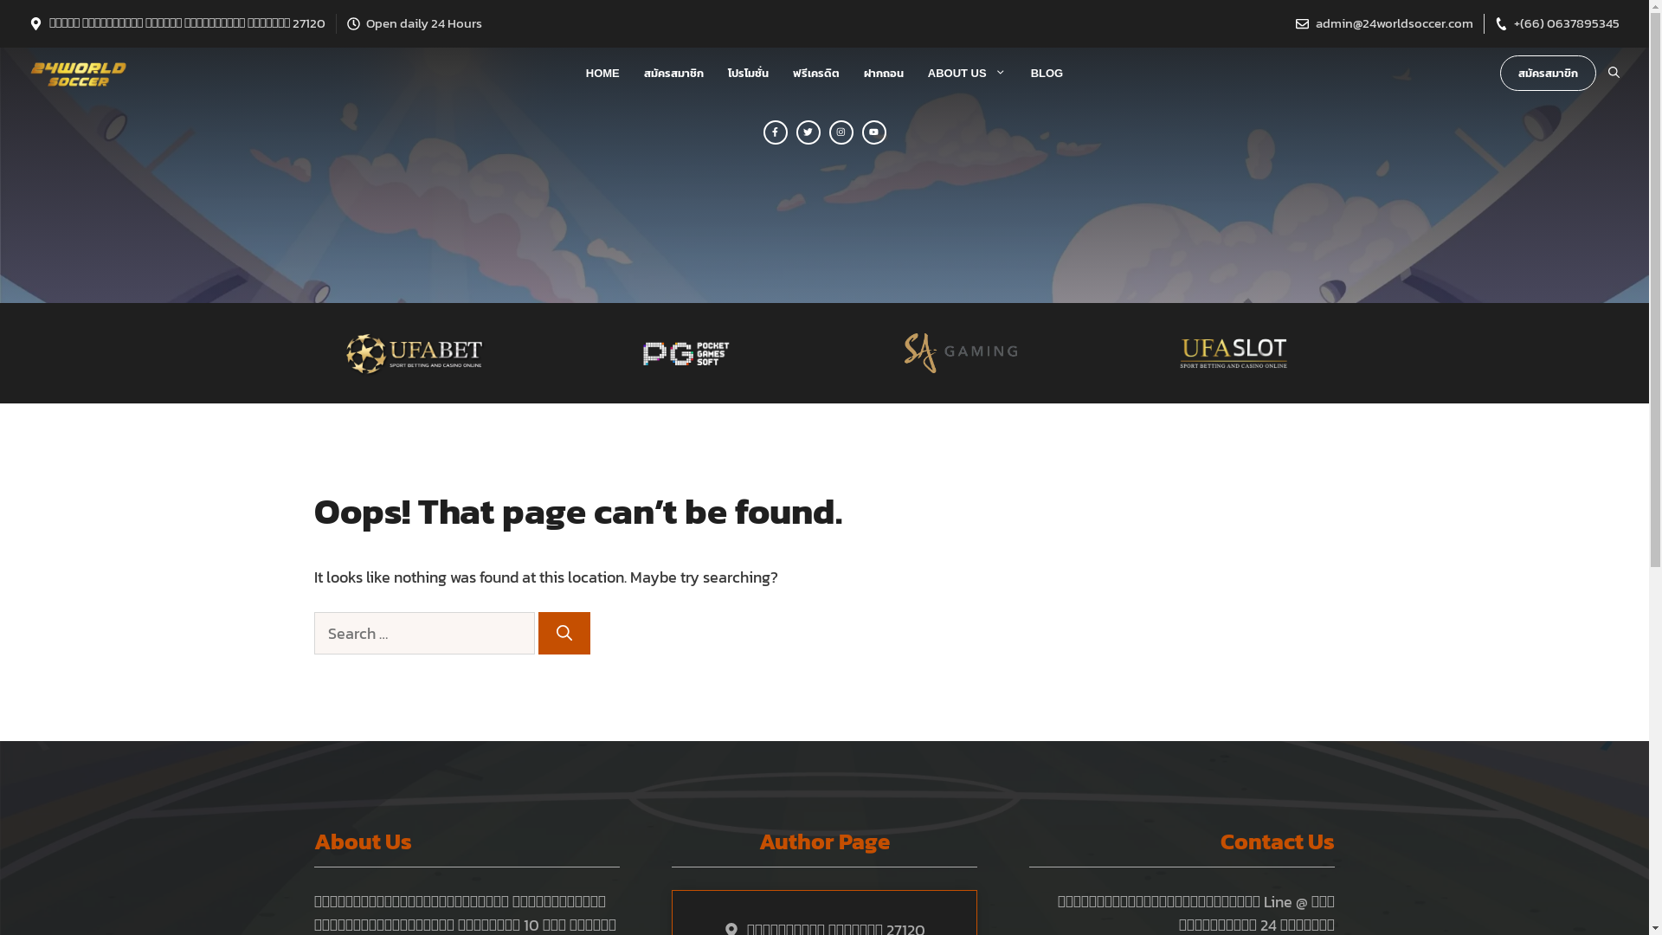 The width and height of the screenshot is (1662, 935). Describe the element at coordinates (77, 72) in the screenshot. I see `'24 World Soccer'` at that location.